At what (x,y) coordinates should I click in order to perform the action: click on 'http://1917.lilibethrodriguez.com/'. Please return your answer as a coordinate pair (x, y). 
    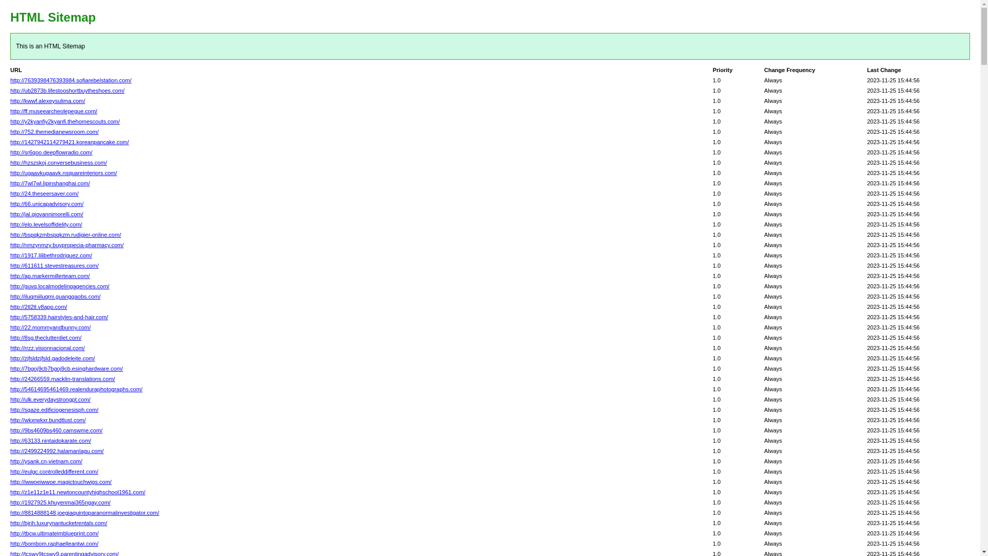
    Looking at the image, I should click on (50, 255).